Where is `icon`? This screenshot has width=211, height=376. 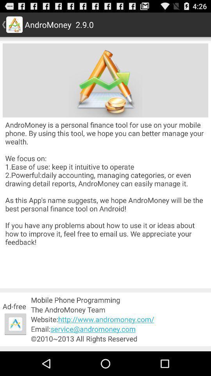
icon is located at coordinates (15, 324).